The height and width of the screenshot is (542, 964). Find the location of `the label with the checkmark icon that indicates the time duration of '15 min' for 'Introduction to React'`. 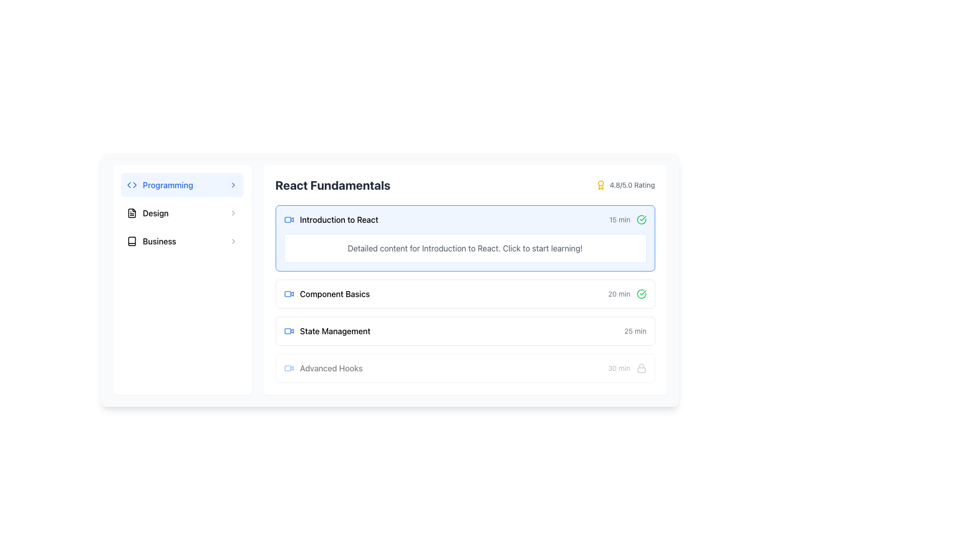

the label with the checkmark icon that indicates the time duration of '15 min' for 'Introduction to React' is located at coordinates (627, 219).